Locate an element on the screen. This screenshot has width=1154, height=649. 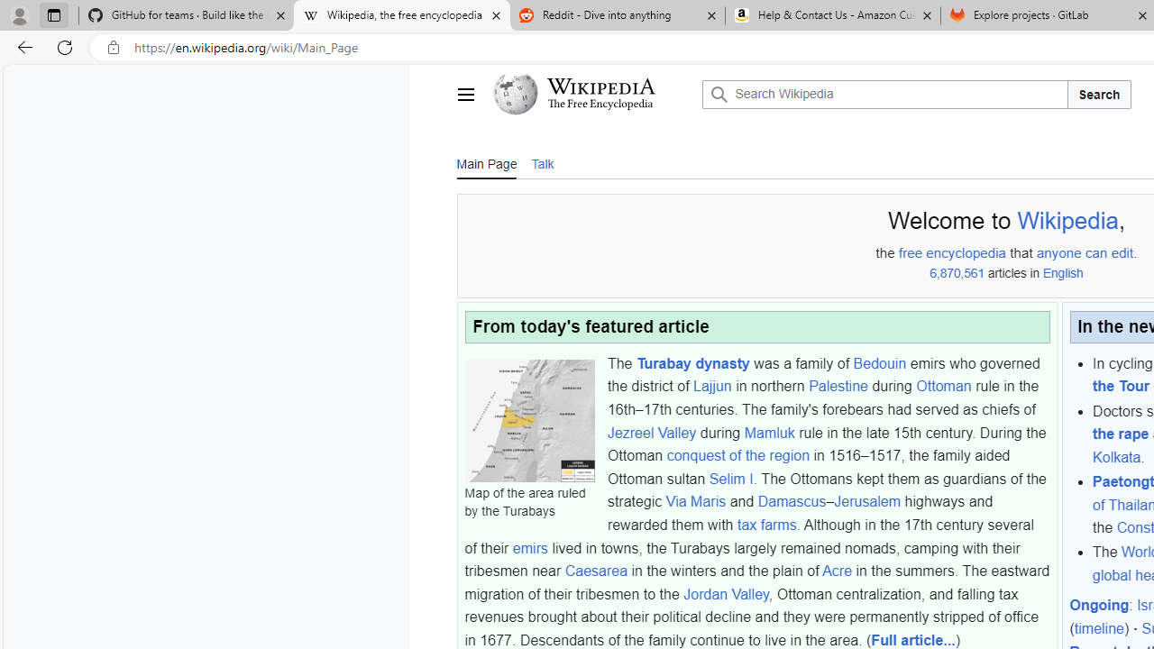
'timeline' is located at coordinates (1097, 628).